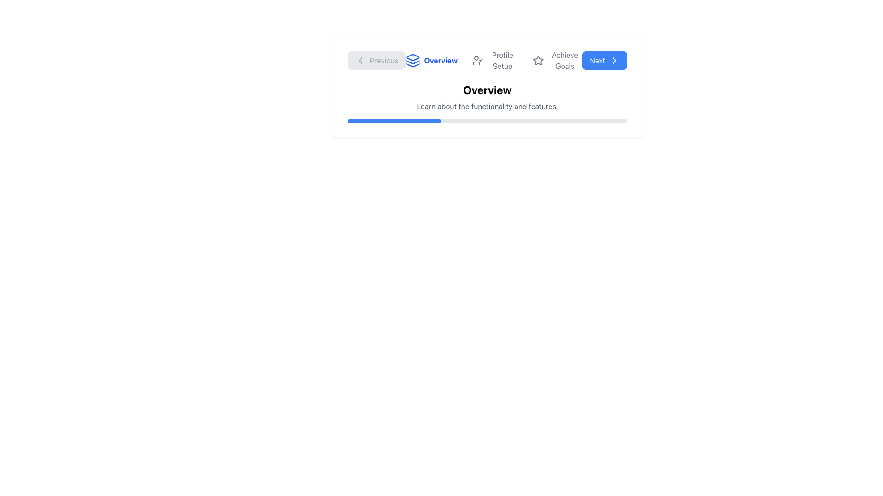 The width and height of the screenshot is (883, 496). I want to click on the star icon graphic, which represents a feature or theme such as 'favorite' or 'achievement', located in the horizontal navigation bar to the left of the text 'Achieve Goals', so click(539, 60).